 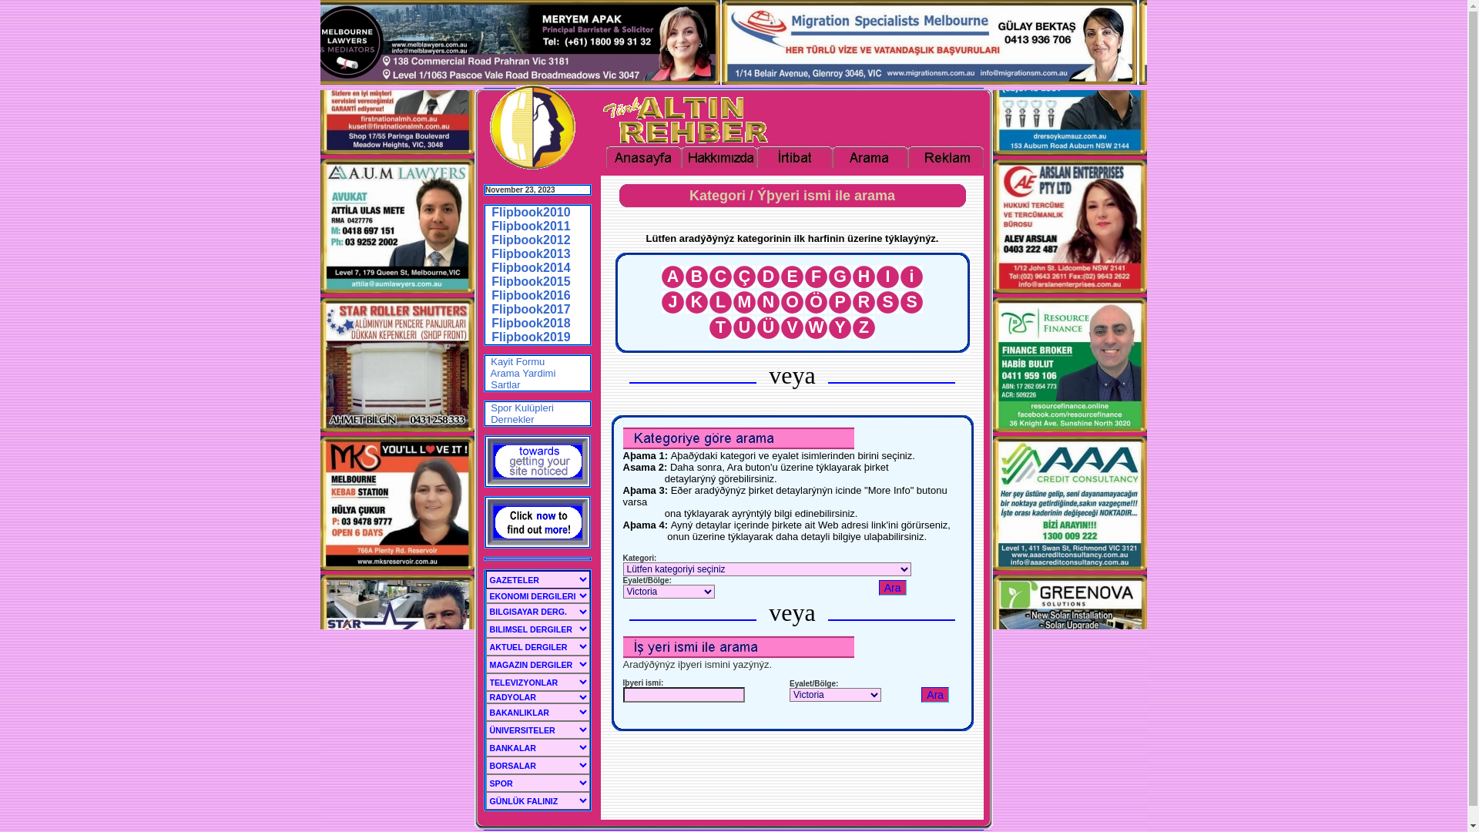 What do you see at coordinates (791, 279) in the screenshot?
I see `'E'` at bounding box center [791, 279].